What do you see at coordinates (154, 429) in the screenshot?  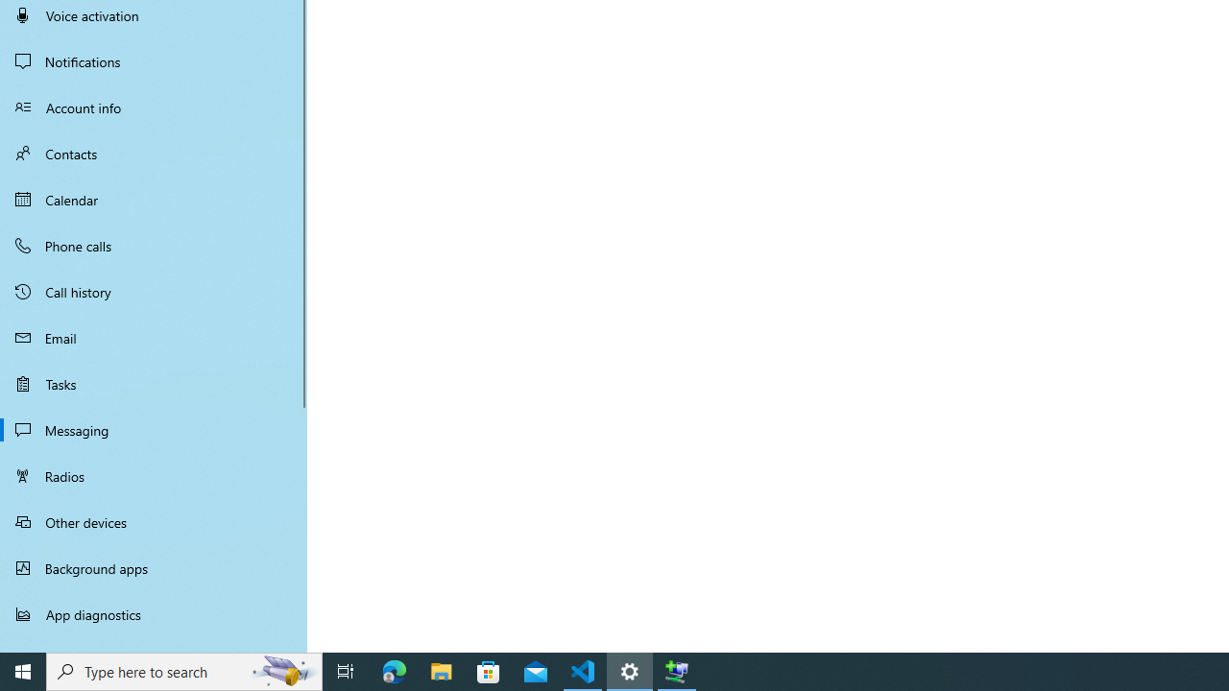 I see `'Messaging'` at bounding box center [154, 429].